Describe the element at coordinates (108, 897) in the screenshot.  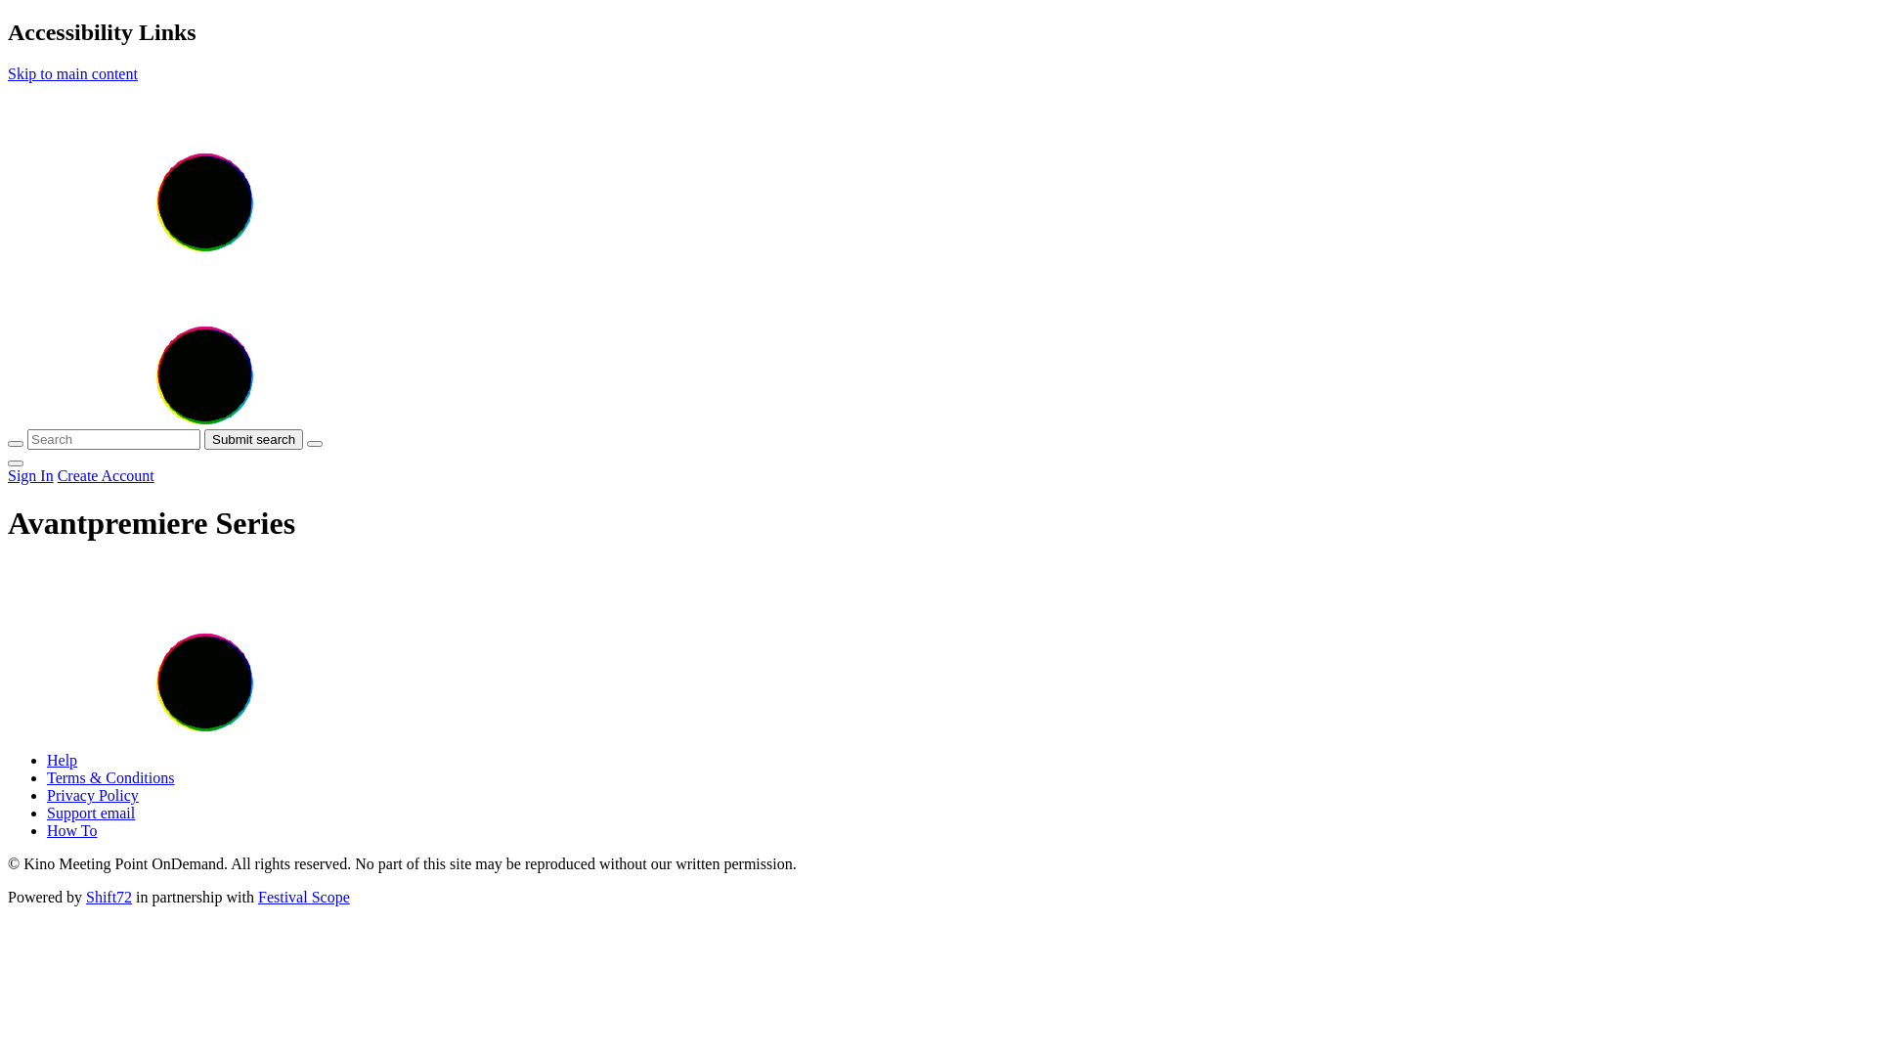
I see `'Shift72'` at that location.